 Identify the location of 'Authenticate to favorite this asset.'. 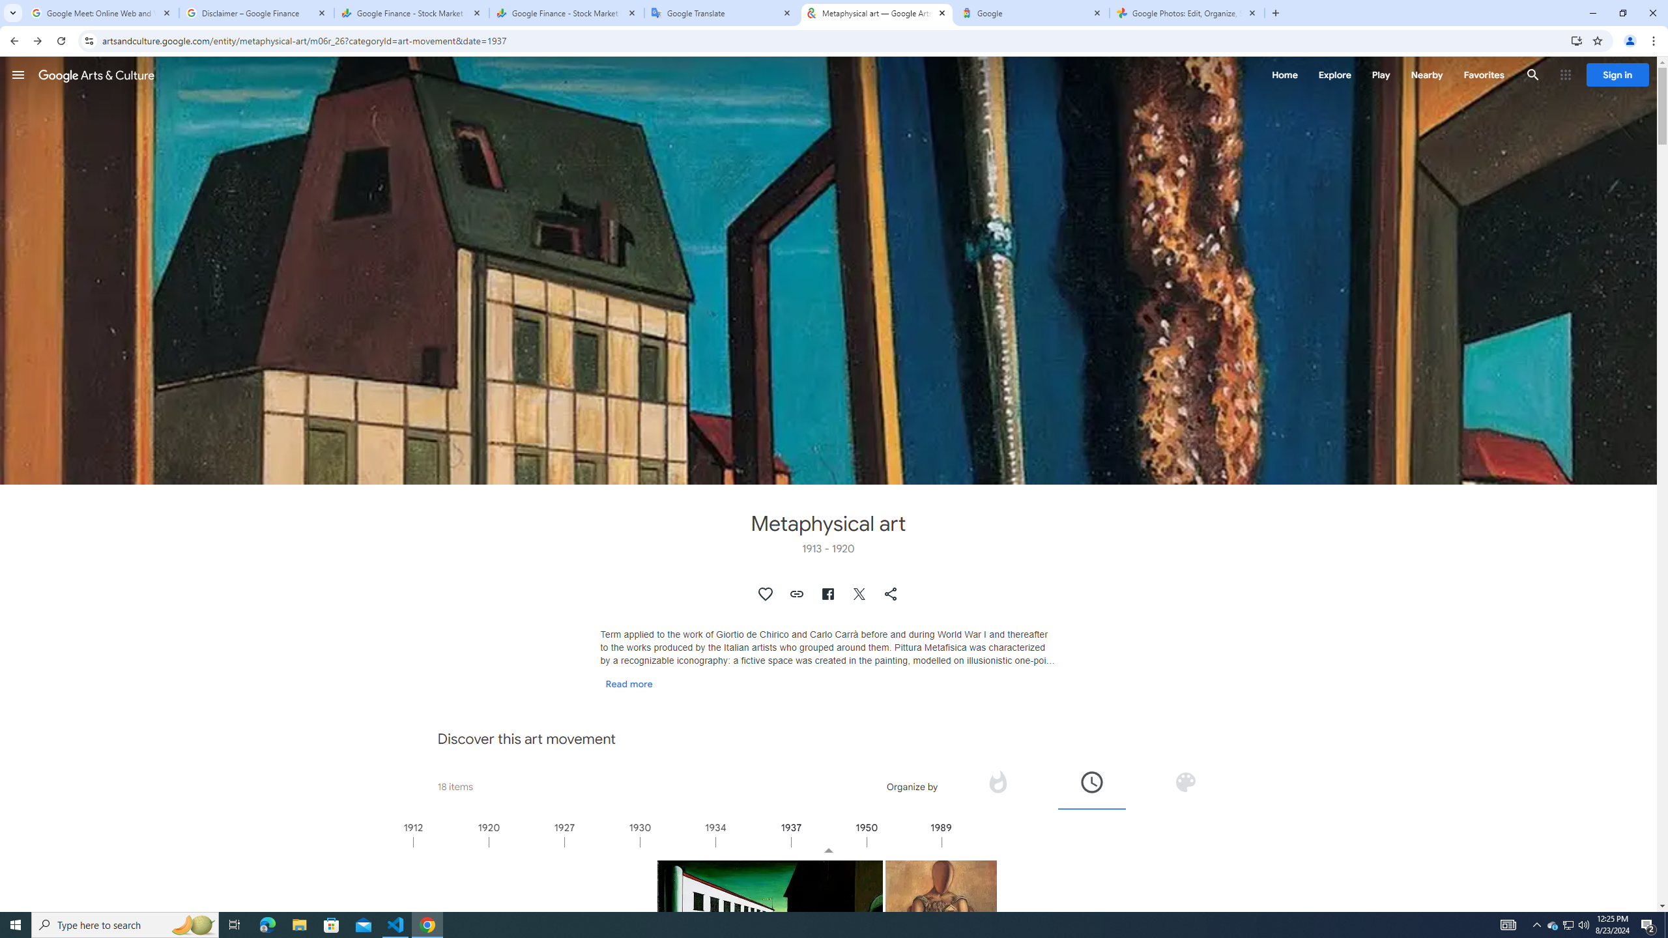
(766, 593).